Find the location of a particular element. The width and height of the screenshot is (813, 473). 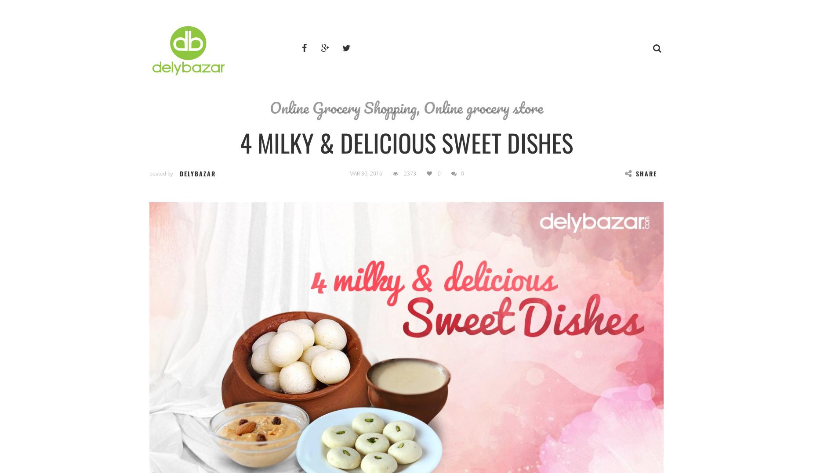

'posted by' is located at coordinates (161, 173).